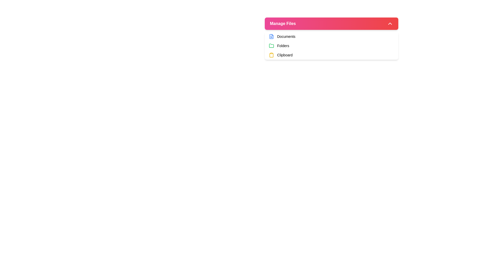 The width and height of the screenshot is (495, 278). I want to click on the clipboard icon located in the third row of the menu below 'Manage Files', so click(271, 55).